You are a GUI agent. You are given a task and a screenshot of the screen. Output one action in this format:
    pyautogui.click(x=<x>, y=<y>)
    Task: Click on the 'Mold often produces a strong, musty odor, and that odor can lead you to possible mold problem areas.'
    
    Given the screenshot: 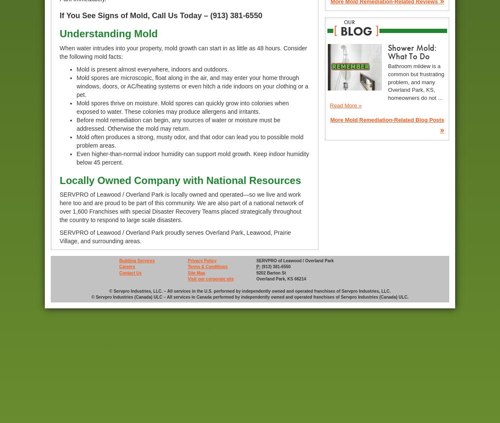 What is the action you would take?
    pyautogui.click(x=76, y=140)
    